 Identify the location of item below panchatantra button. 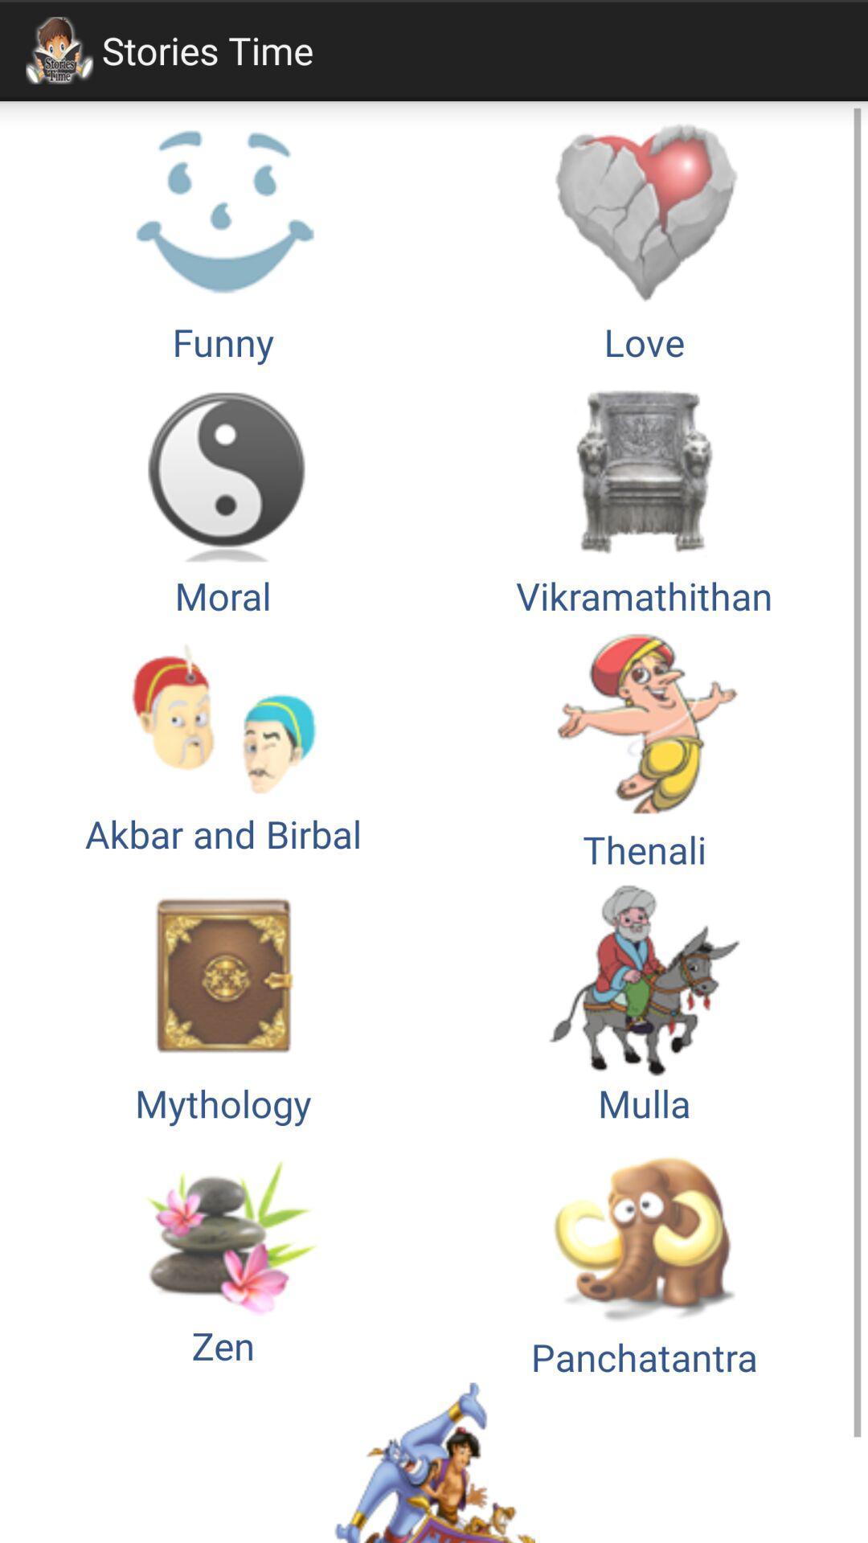
(434, 1463).